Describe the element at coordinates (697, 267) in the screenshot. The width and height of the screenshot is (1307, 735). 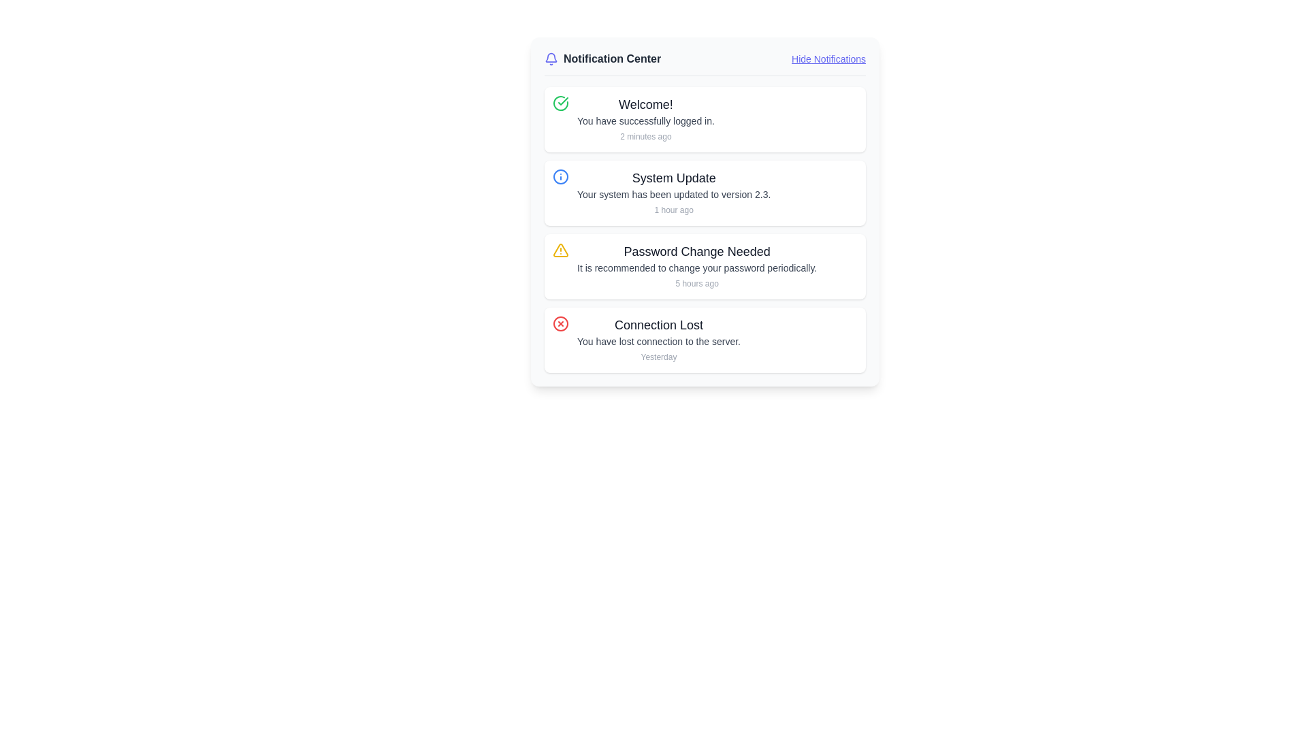
I see `the informational text advising users to change their password, located in the 'Password Change Needed' notification card` at that location.